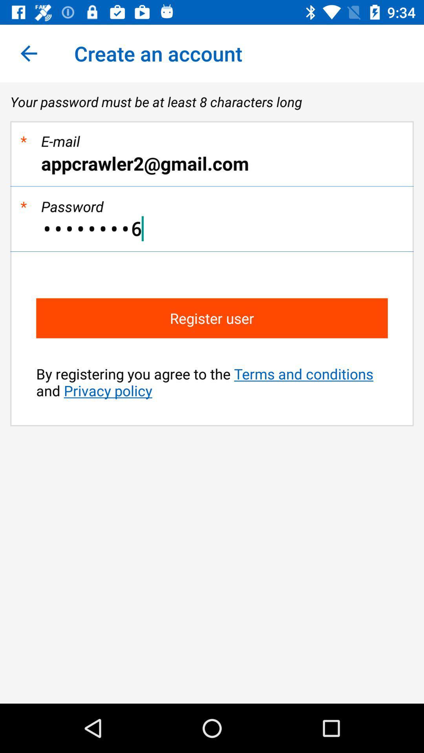 The width and height of the screenshot is (424, 753). I want to click on item below the * icon, so click(212, 228).